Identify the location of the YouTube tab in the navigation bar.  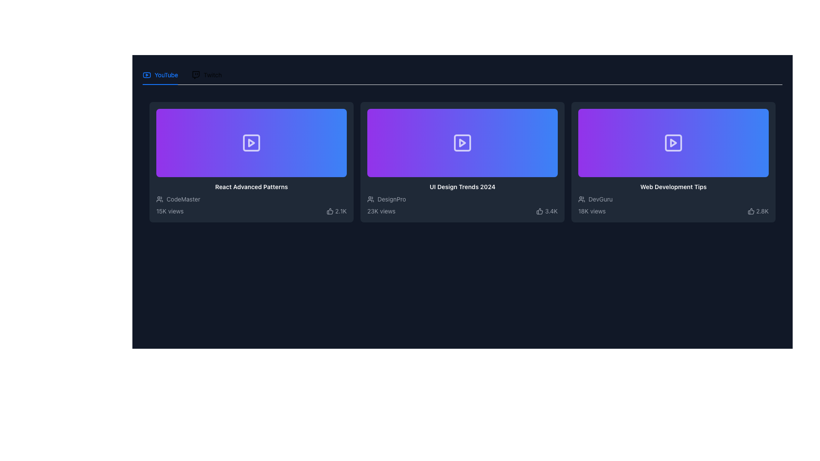
(160, 75).